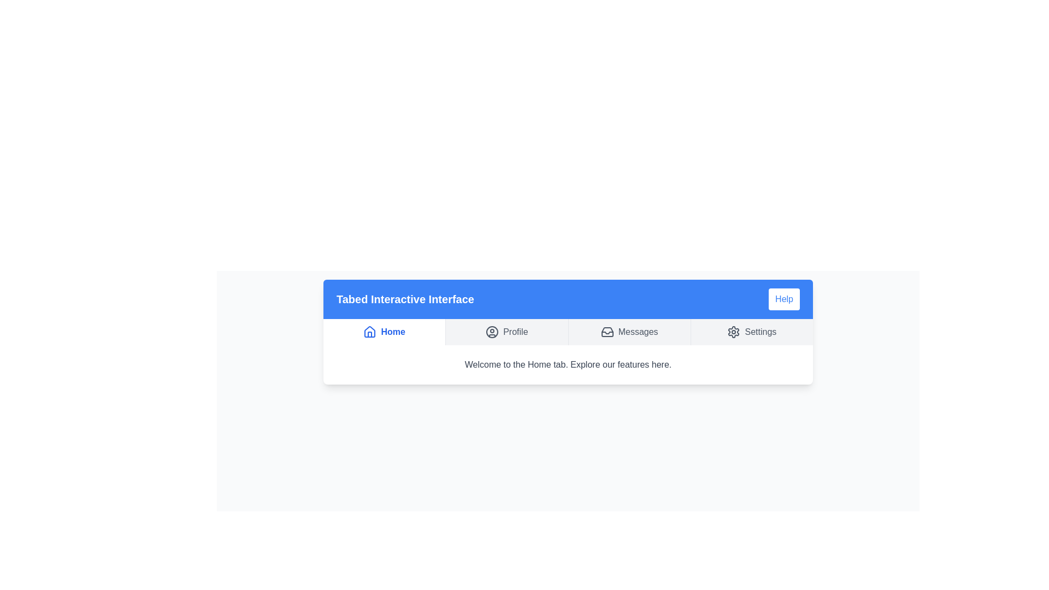 The image size is (1049, 590). Describe the element at coordinates (492, 332) in the screenshot. I see `the circular user icon in the navigation bar, which is located below the 'Tabbed Interactive Interface' heading` at that location.